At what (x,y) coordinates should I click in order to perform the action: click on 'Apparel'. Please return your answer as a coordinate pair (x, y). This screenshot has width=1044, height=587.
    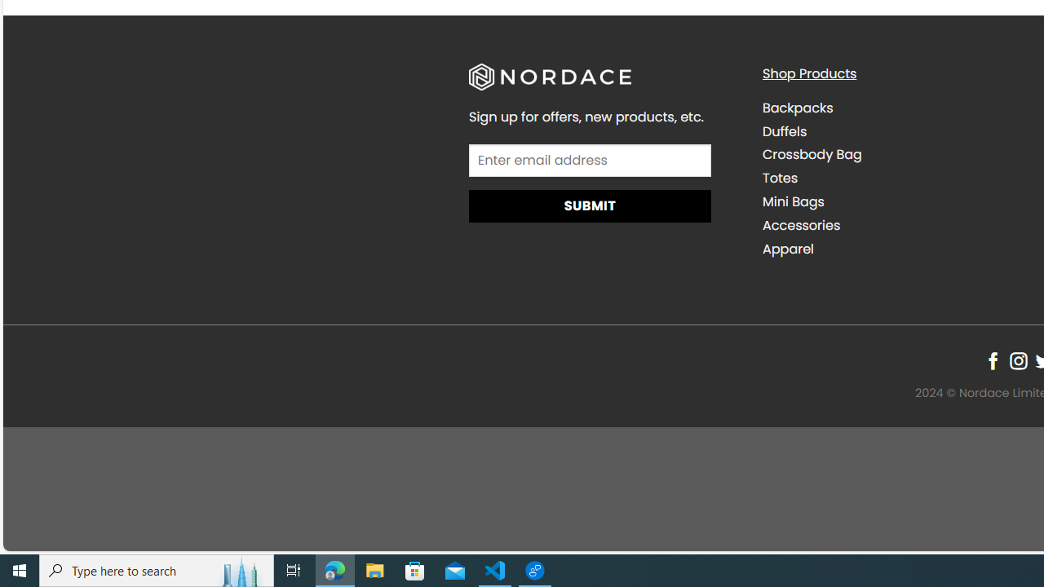
    Looking at the image, I should click on (896, 249).